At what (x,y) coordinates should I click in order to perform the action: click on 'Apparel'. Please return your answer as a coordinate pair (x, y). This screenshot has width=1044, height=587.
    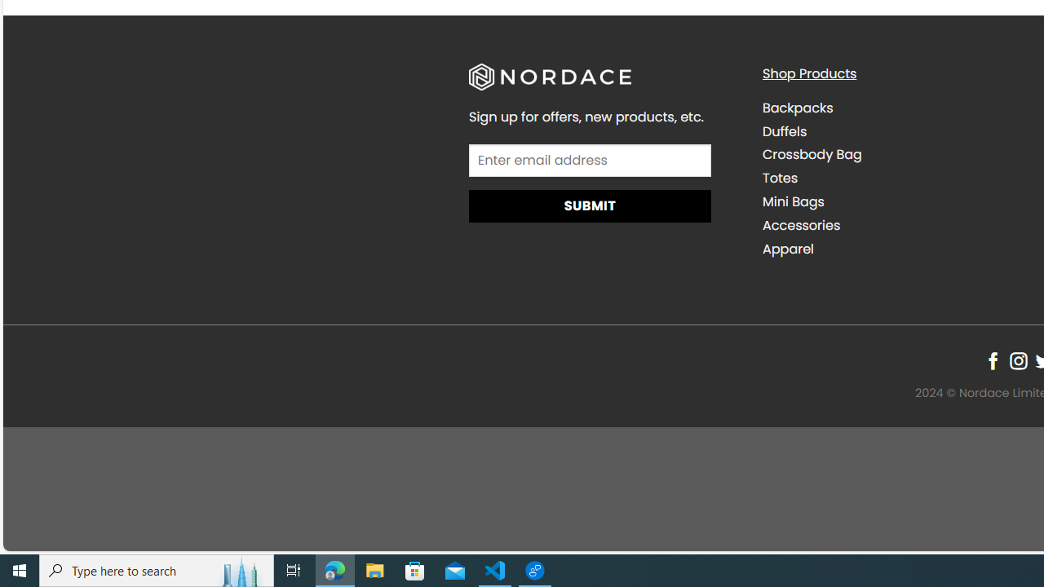
    Looking at the image, I should click on (896, 249).